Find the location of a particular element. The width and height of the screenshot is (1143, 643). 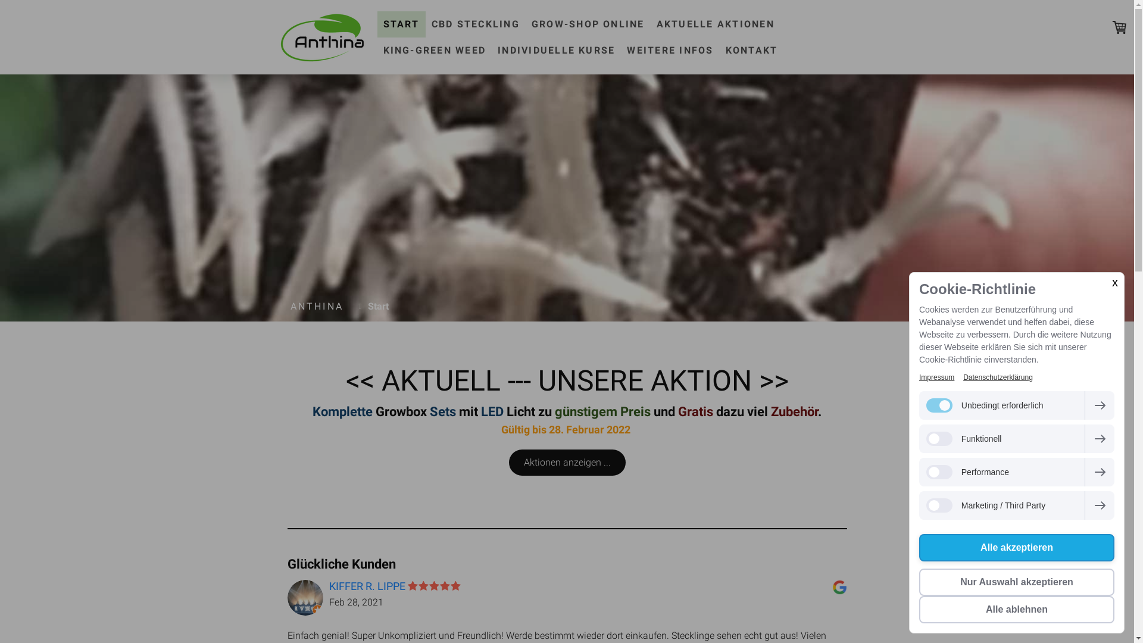

'GROW-SHOP ONLINE' is located at coordinates (525, 23).